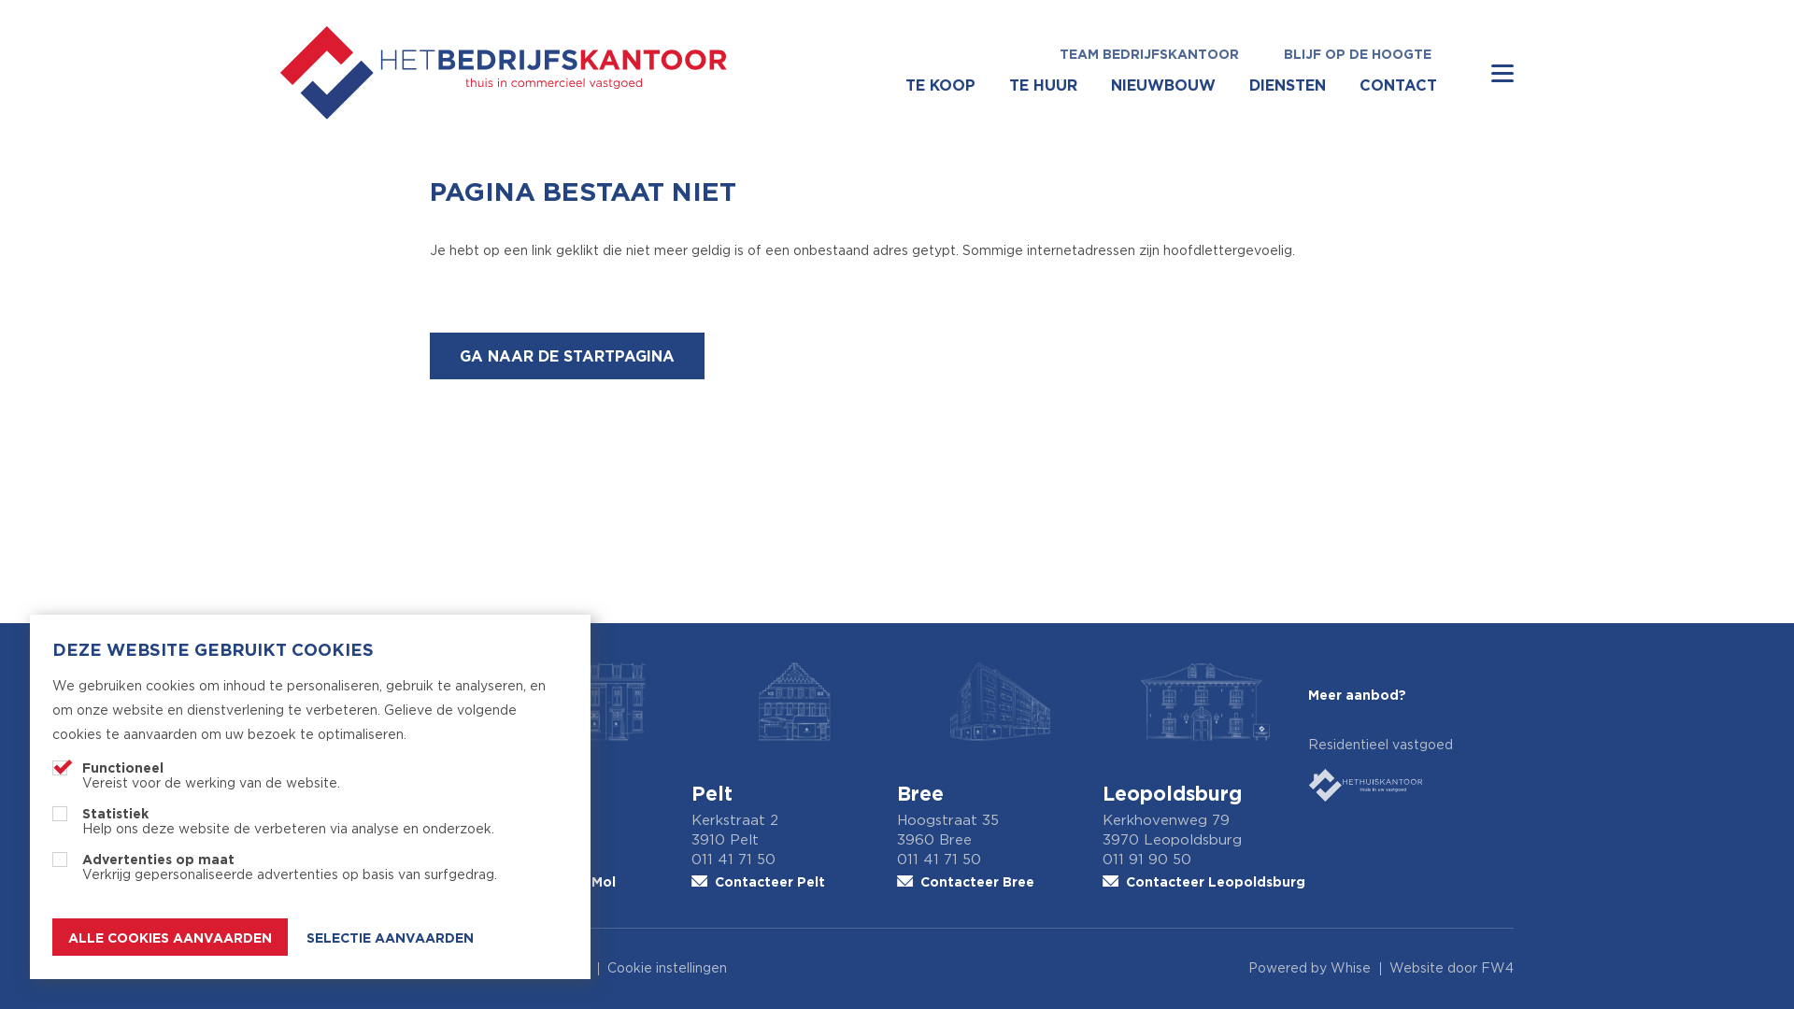 This screenshot has width=1794, height=1009. I want to click on 'Cookie instellingen', so click(667, 968).